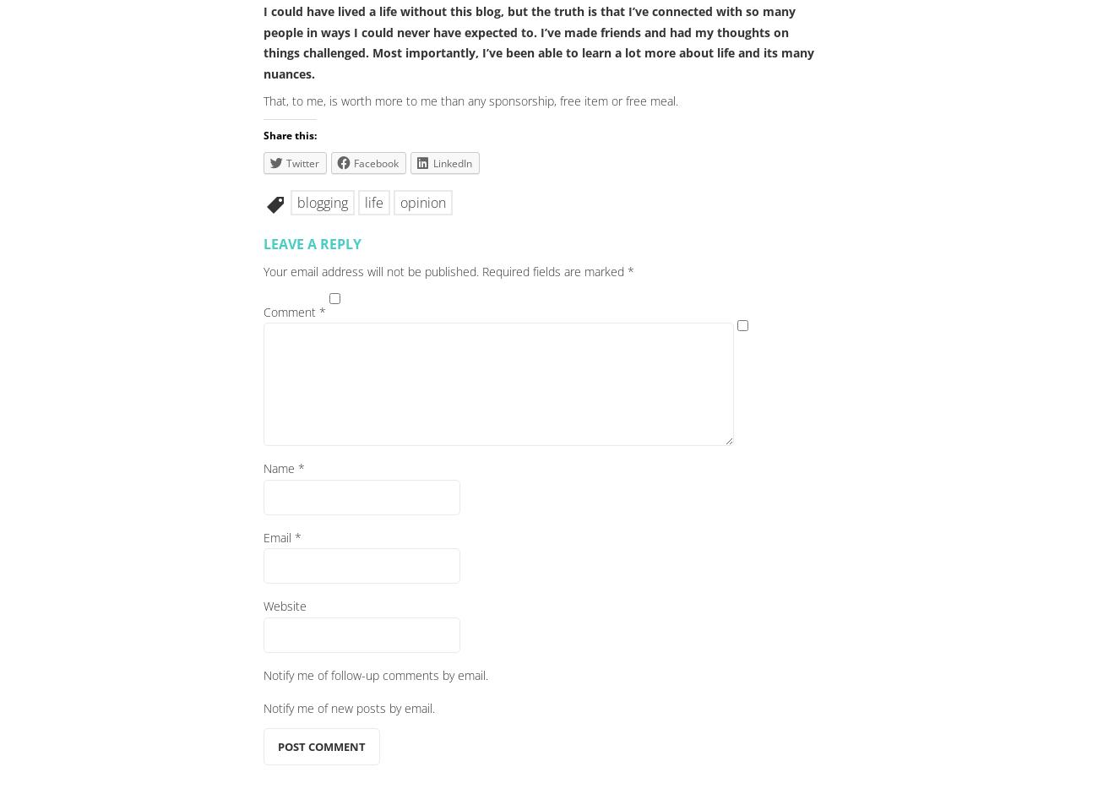  I want to click on 'Leave a Reply', so click(311, 242).